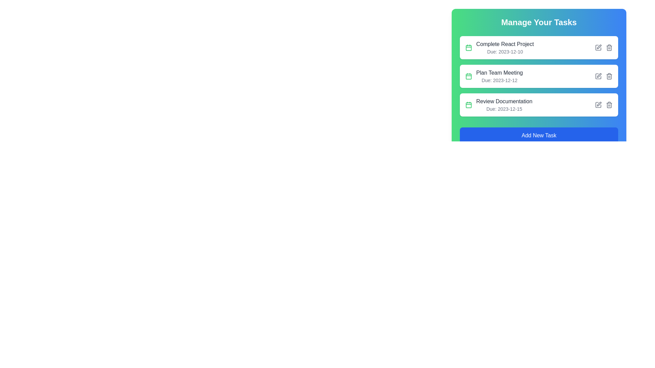 The image size is (655, 368). What do you see at coordinates (494, 76) in the screenshot?
I see `the task item displaying 'Plan Team Meeting' with a green calendar icon, located in the 'Manage Your Tasks' list` at bounding box center [494, 76].